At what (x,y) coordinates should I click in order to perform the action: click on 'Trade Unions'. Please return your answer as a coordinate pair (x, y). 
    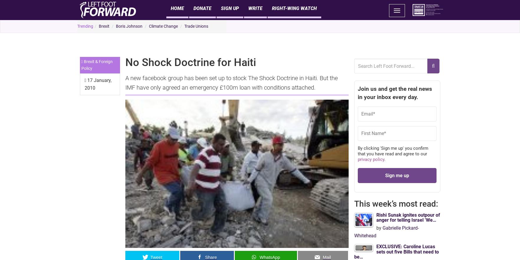
    Looking at the image, I should click on (184, 26).